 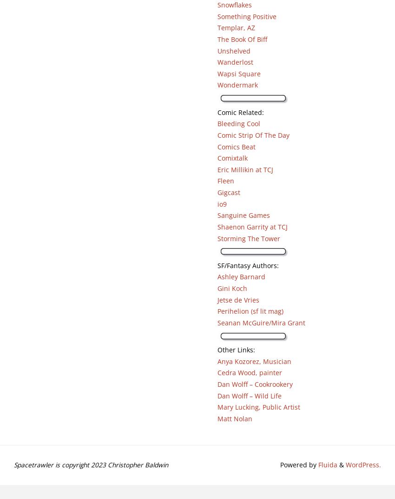 I want to click on 'Sanguine Games', so click(x=243, y=215).